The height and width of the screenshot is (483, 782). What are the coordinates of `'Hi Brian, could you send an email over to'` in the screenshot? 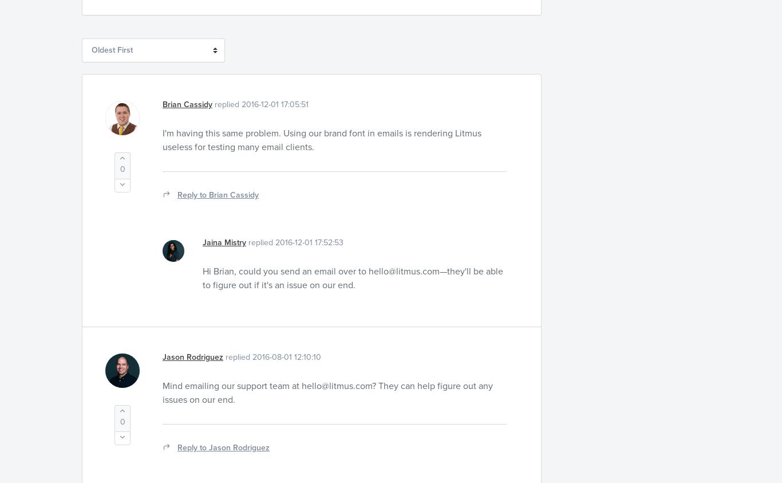 It's located at (285, 271).